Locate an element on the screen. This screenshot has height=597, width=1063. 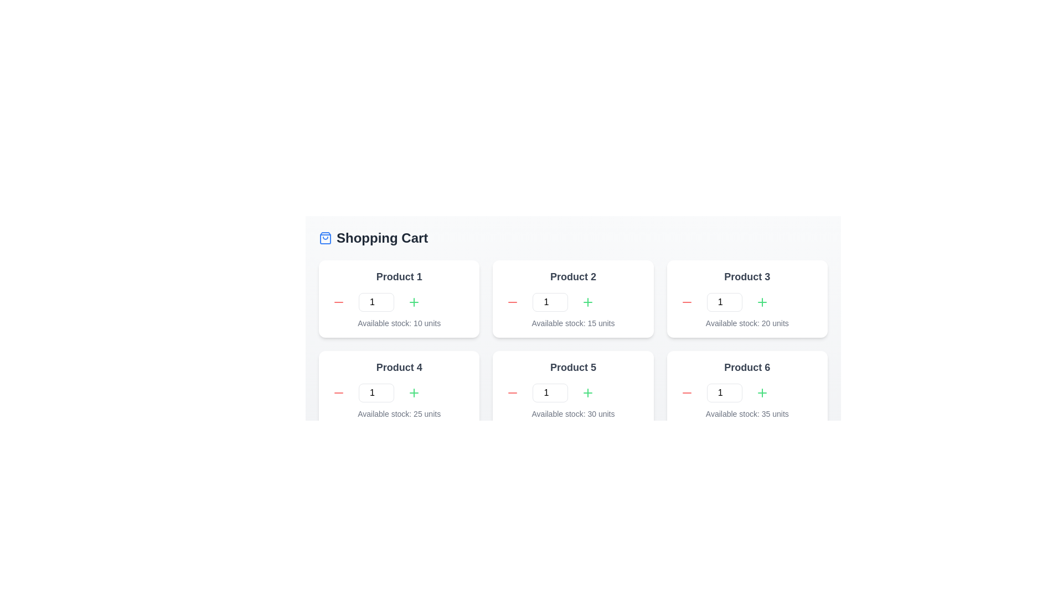
the button that increases the quantity of 'Product 1' in the shopping cart layout is located at coordinates (414, 302).